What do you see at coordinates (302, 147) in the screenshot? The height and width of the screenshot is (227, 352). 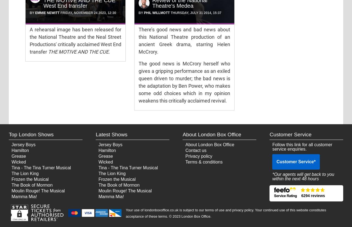 I see `'Follow this link for all customer service enquiries.'` at bounding box center [302, 147].